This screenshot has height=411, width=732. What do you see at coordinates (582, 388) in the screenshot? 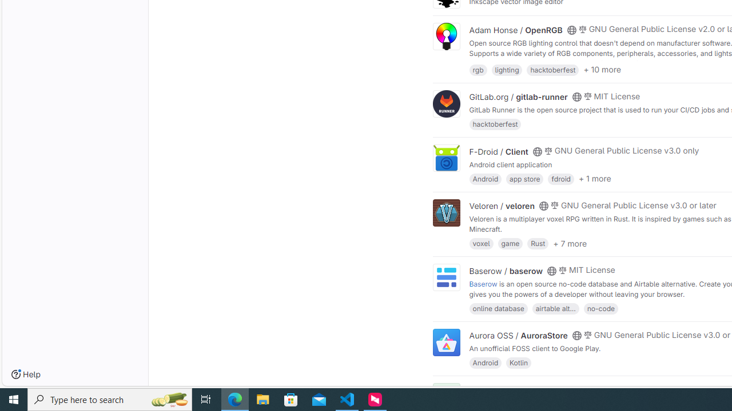
I see `'Class: s14 gl-mr-2'` at bounding box center [582, 388].